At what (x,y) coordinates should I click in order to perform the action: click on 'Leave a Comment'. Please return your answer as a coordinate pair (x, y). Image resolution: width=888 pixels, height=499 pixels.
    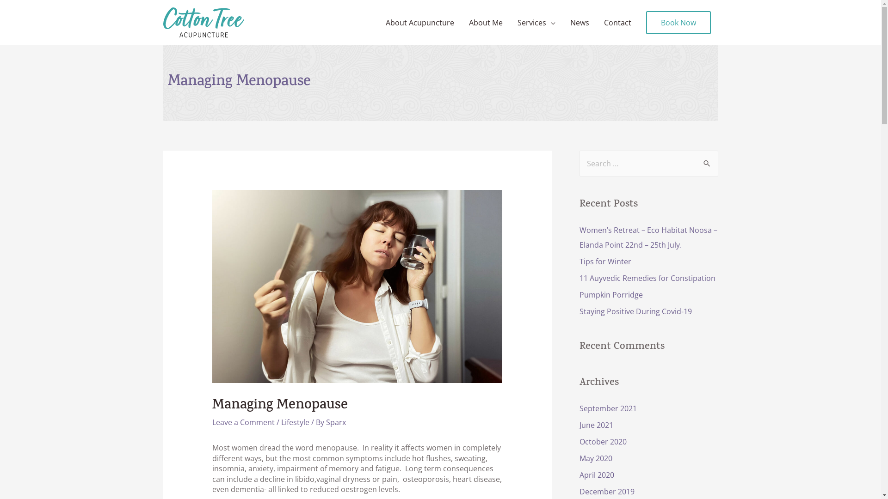
    Looking at the image, I should click on (212, 422).